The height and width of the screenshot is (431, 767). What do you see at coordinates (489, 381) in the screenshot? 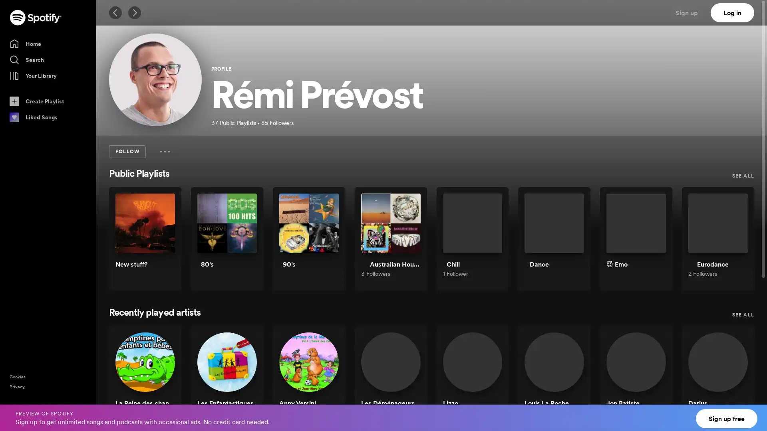
I see `Play Lizzo` at bounding box center [489, 381].